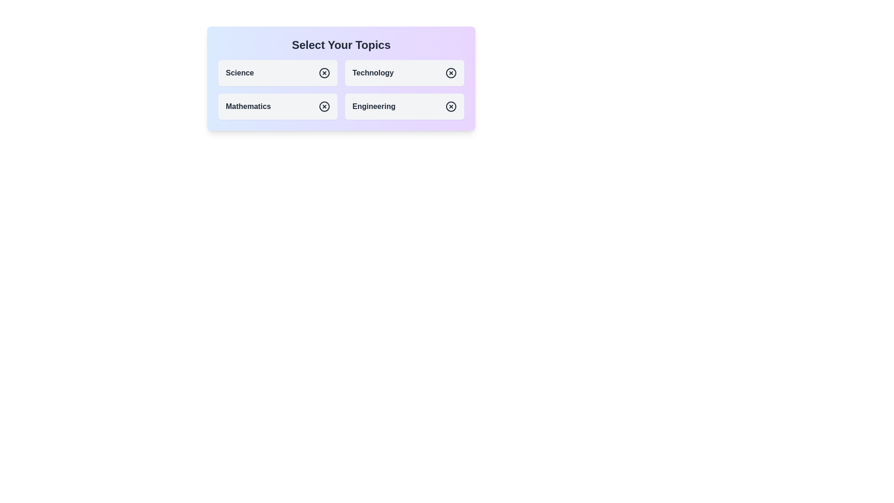 The image size is (894, 503). What do you see at coordinates (404, 73) in the screenshot?
I see `the topic Technology by clicking on it` at bounding box center [404, 73].